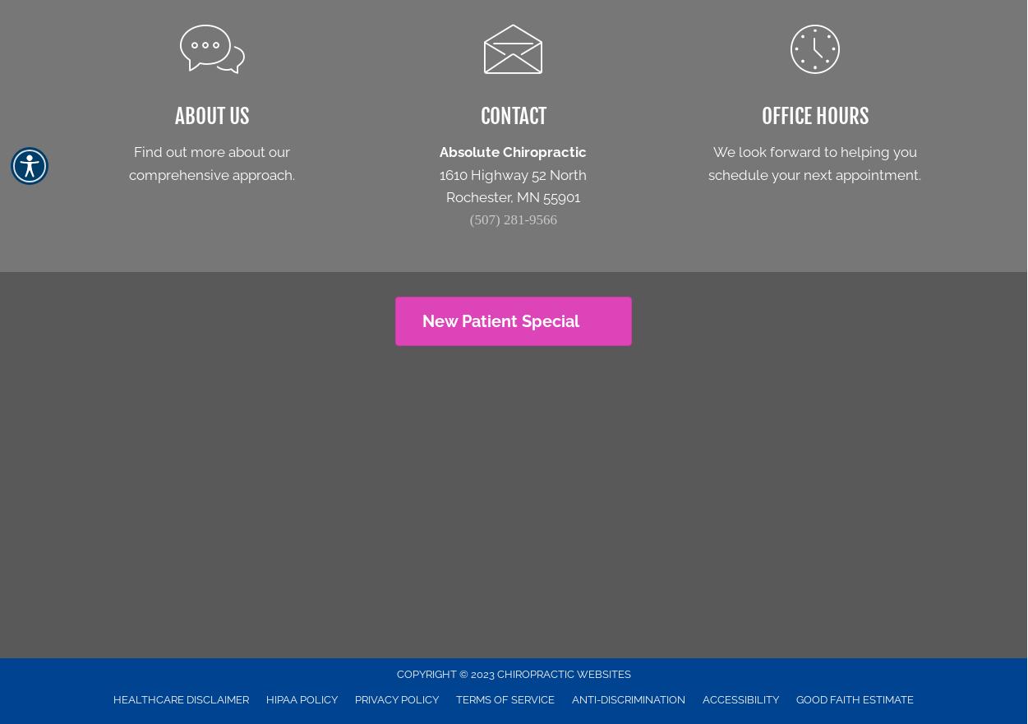 The image size is (1028, 724). I want to click on 'We look forward to helping you', so click(814, 152).